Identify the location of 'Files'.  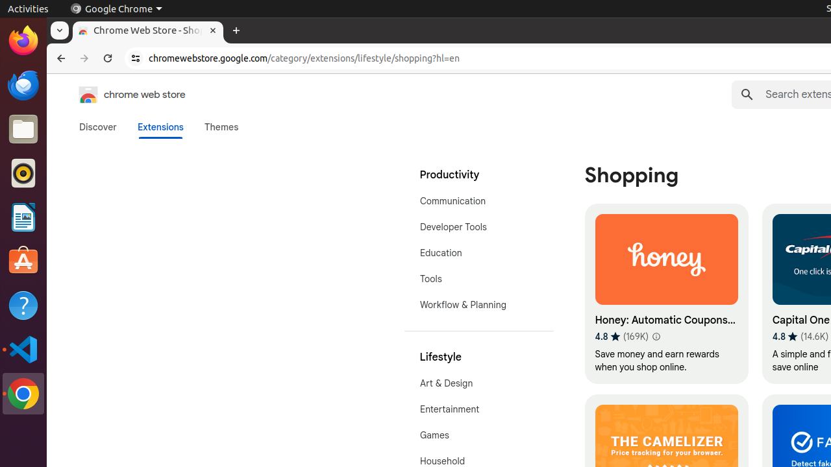
(23, 129).